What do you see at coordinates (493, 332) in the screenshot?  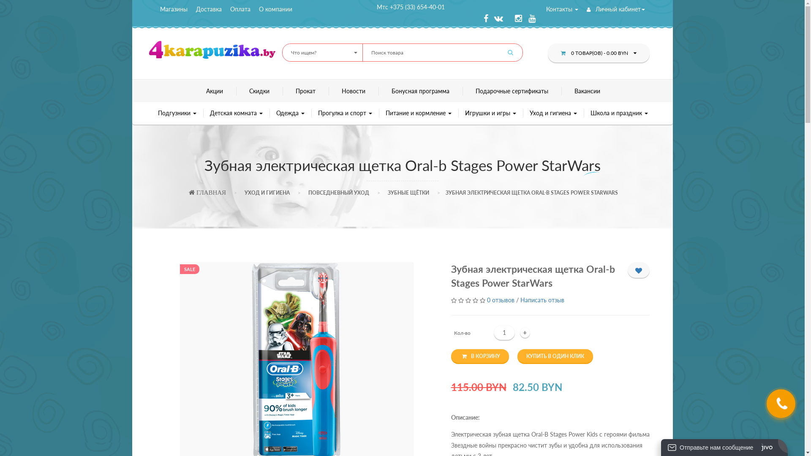 I see `'Qty'` at bounding box center [493, 332].